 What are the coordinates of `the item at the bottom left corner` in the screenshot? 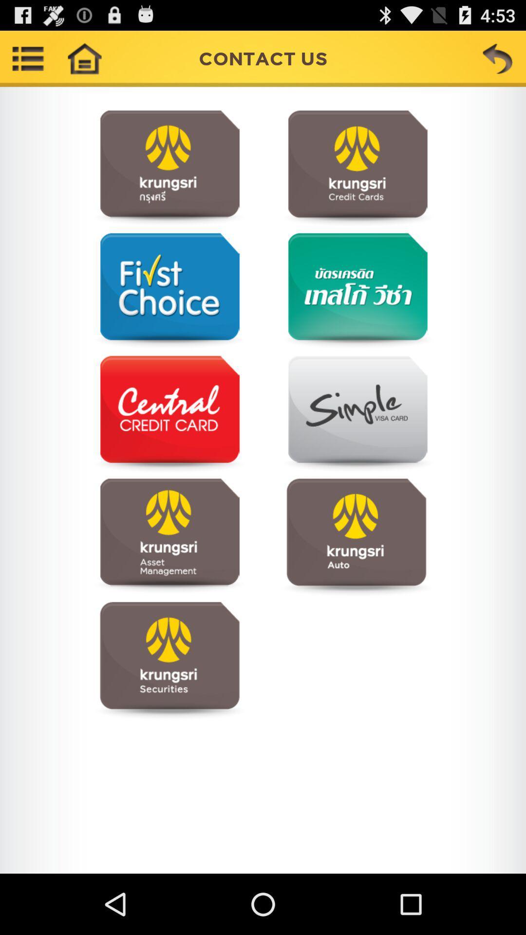 It's located at (169, 659).